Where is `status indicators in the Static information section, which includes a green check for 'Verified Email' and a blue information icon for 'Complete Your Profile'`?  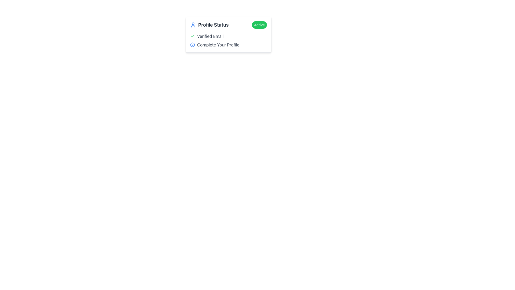
status indicators in the Static information section, which includes a green check for 'Verified Email' and a blue information icon for 'Complete Your Profile' is located at coordinates (228, 40).